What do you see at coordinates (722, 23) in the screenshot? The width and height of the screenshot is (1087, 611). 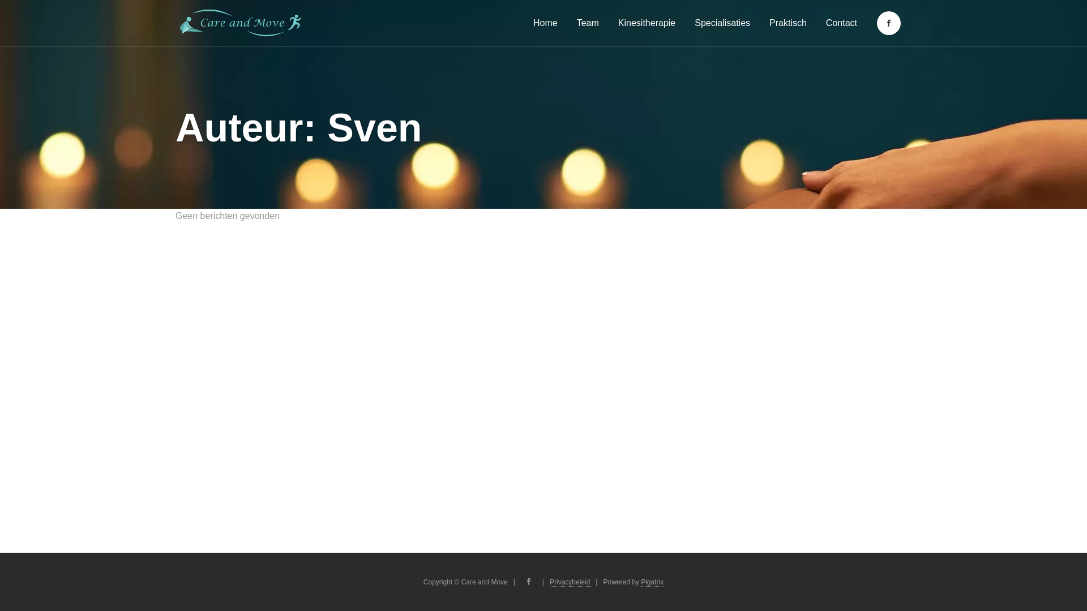 I see `'Specialisaties'` at bounding box center [722, 23].